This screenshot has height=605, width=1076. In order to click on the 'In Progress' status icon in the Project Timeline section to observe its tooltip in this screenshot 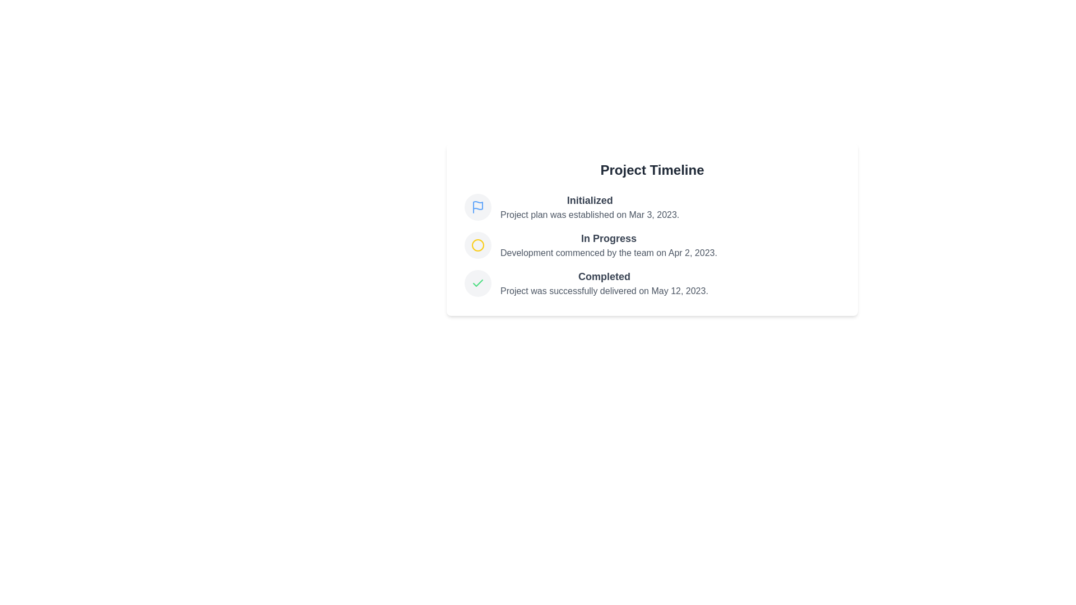, I will do `click(478, 245)`.